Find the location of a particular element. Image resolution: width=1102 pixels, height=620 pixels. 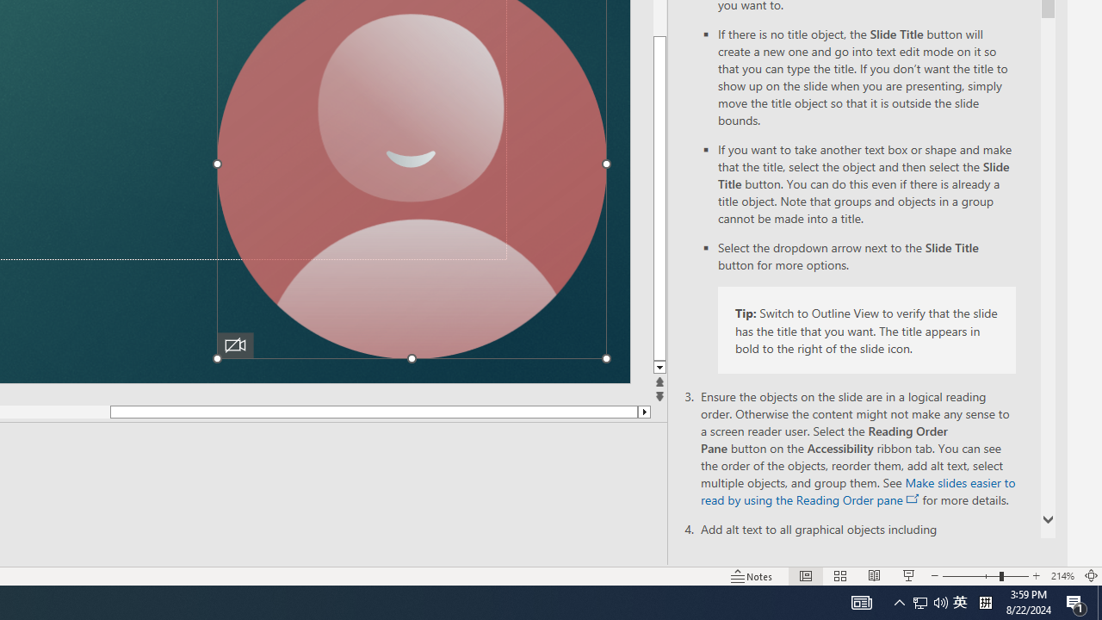

'openinnewwindow' is located at coordinates (912, 499).